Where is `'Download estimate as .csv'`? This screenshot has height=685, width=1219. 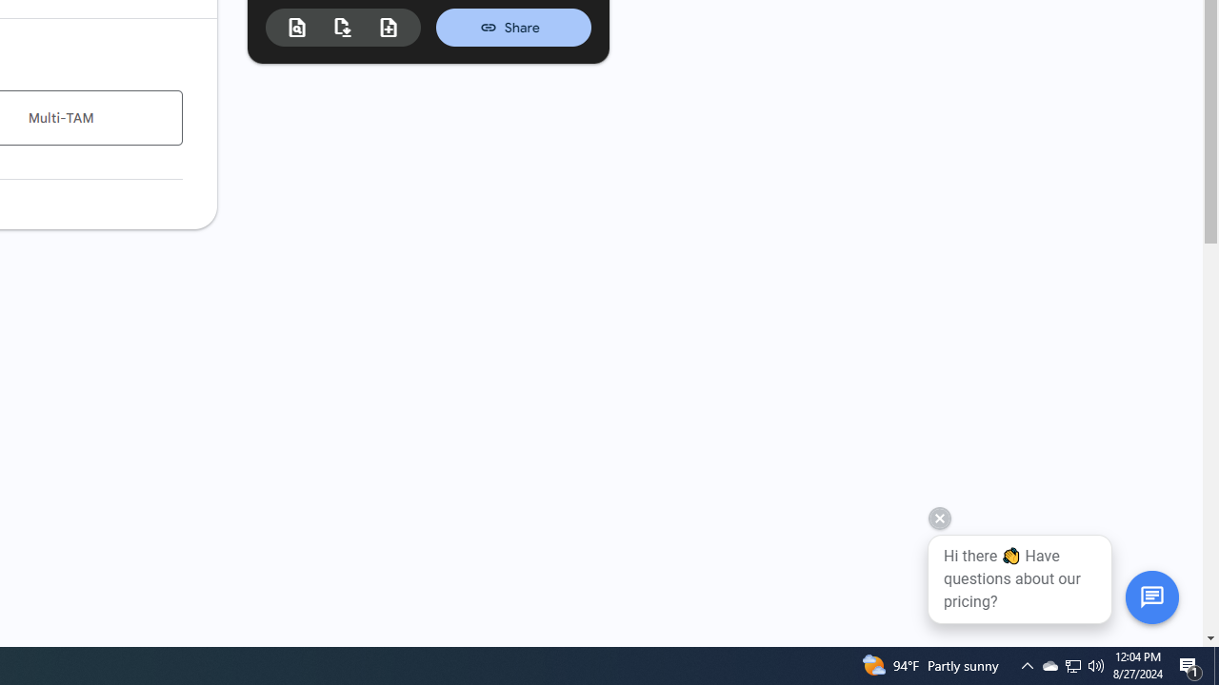
'Download estimate as .csv' is located at coordinates (343, 27).